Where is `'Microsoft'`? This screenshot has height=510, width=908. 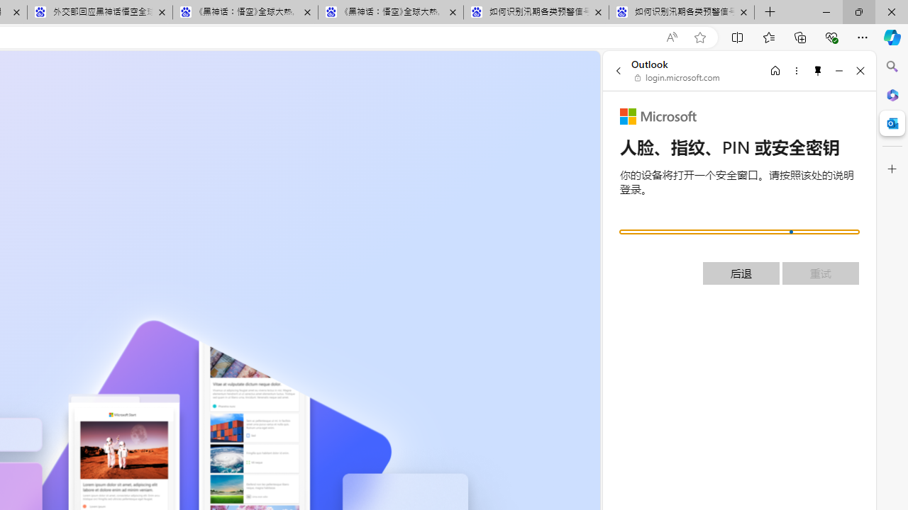 'Microsoft' is located at coordinates (658, 116).